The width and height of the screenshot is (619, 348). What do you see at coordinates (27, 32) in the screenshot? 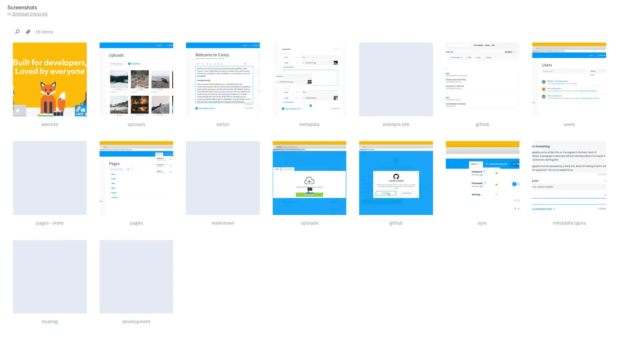
I see `tags` at bounding box center [27, 32].